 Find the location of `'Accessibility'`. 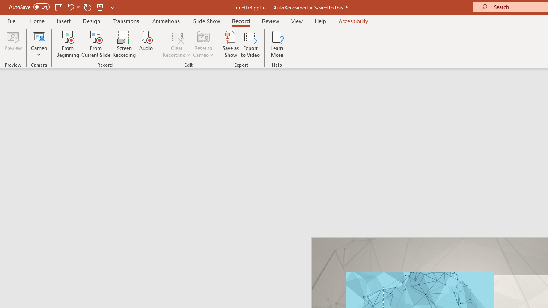

'Accessibility' is located at coordinates (354, 21).